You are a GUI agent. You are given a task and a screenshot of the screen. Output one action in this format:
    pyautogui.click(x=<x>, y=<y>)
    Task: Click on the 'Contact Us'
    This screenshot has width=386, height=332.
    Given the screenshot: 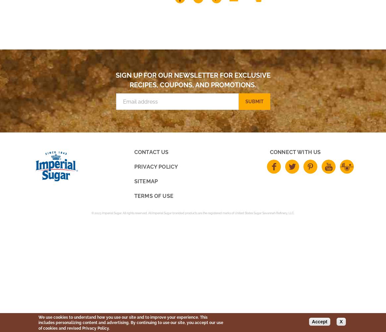 What is the action you would take?
    pyautogui.click(x=151, y=152)
    